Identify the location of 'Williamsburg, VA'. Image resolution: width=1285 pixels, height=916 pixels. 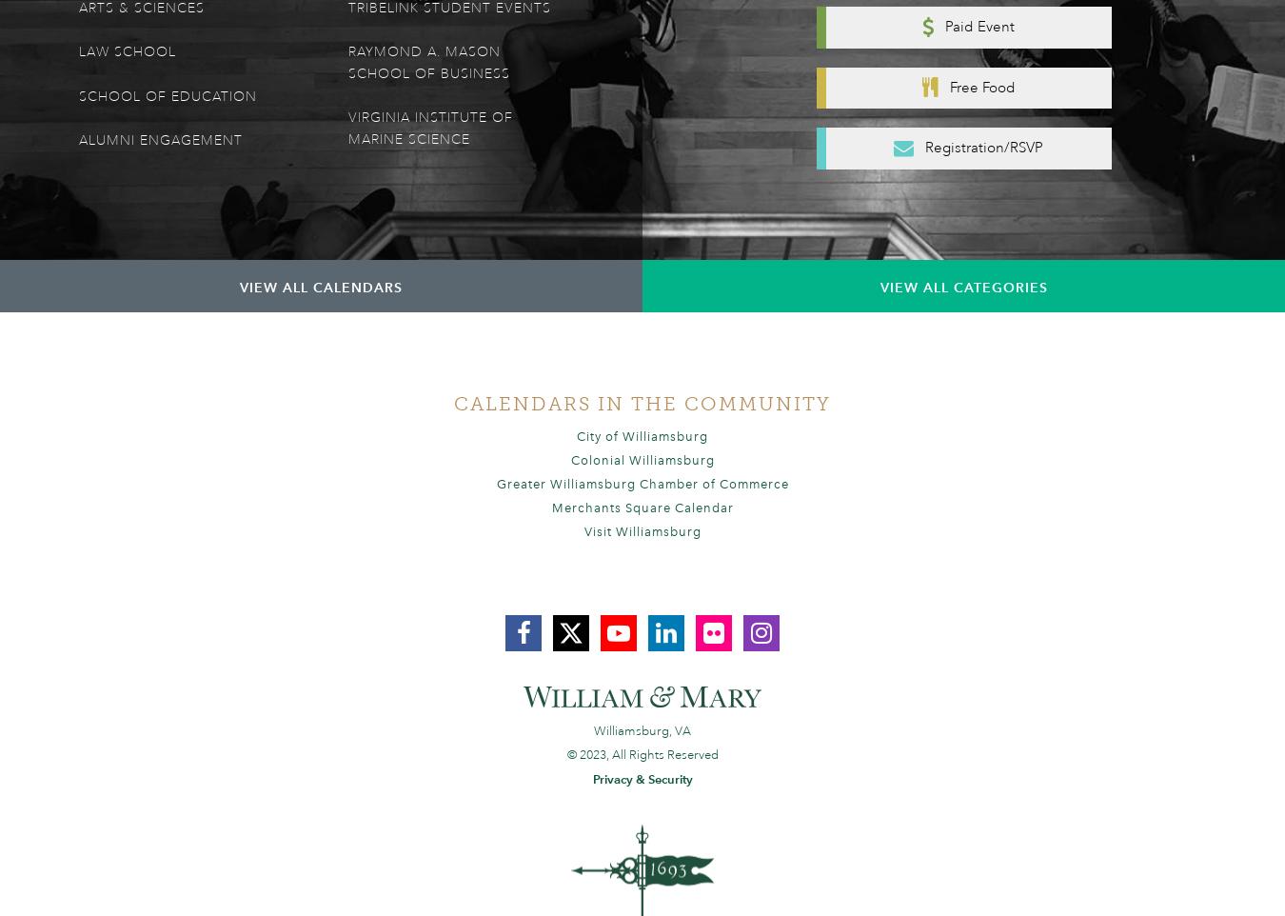
(642, 730).